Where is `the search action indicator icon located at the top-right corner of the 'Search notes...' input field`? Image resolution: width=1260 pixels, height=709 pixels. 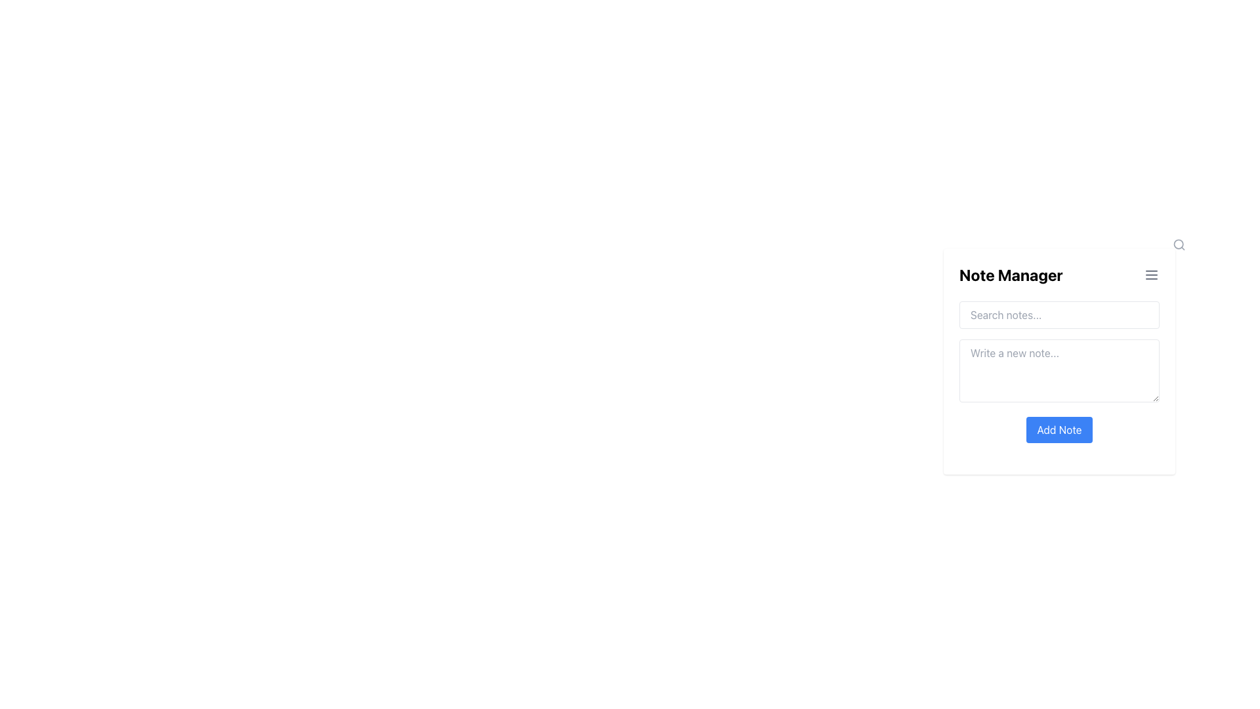
the search action indicator icon located at the top-right corner of the 'Search notes...' input field is located at coordinates (1179, 245).